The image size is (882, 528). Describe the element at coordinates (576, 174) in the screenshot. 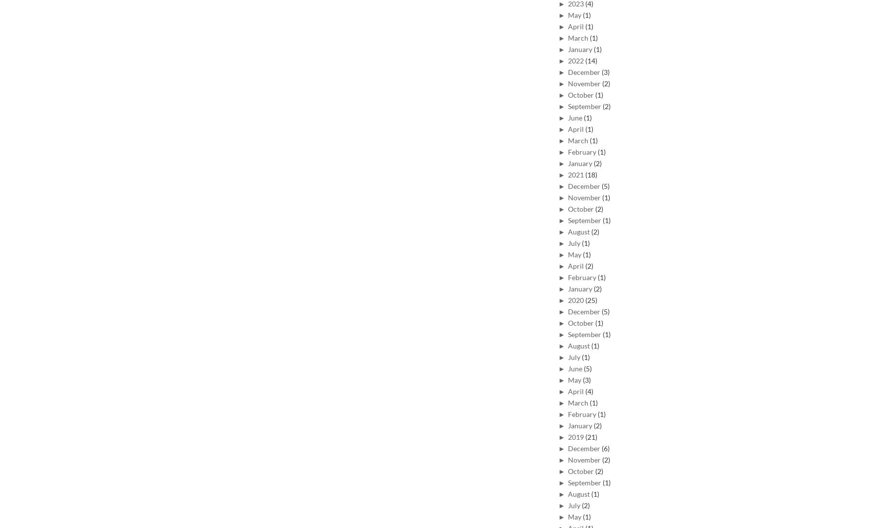

I see `'2021'` at that location.